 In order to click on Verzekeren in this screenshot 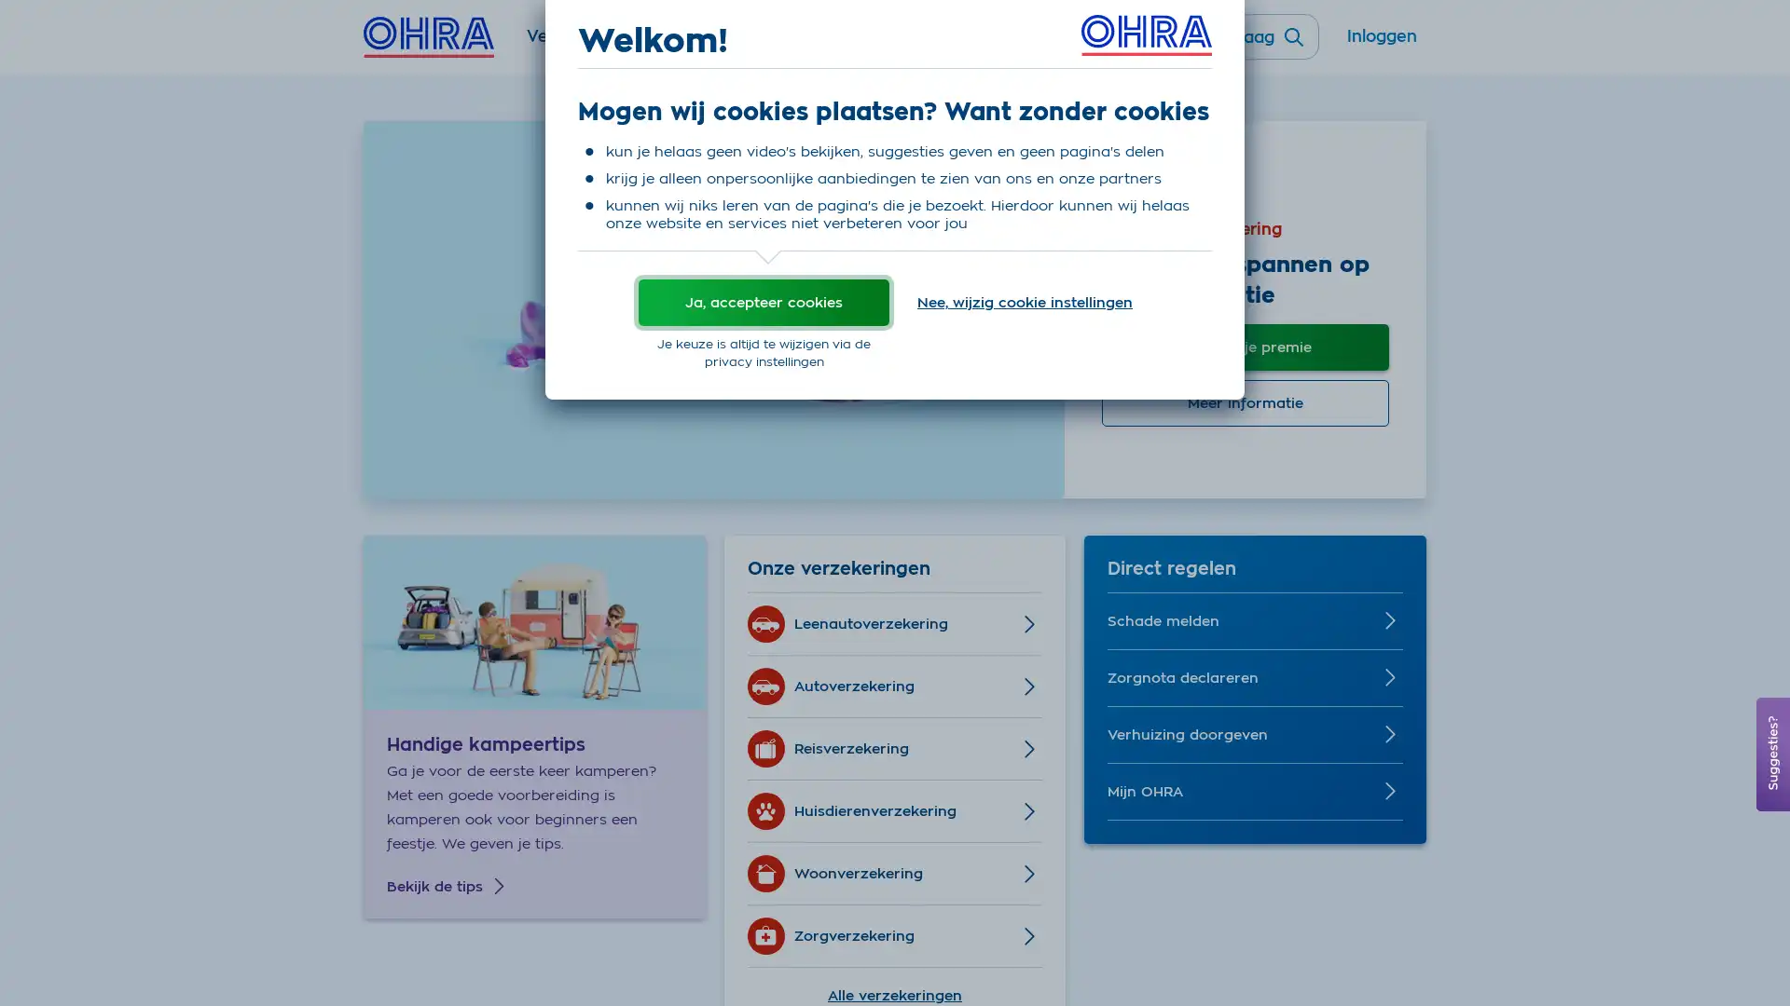, I will do `click(571, 45)`.